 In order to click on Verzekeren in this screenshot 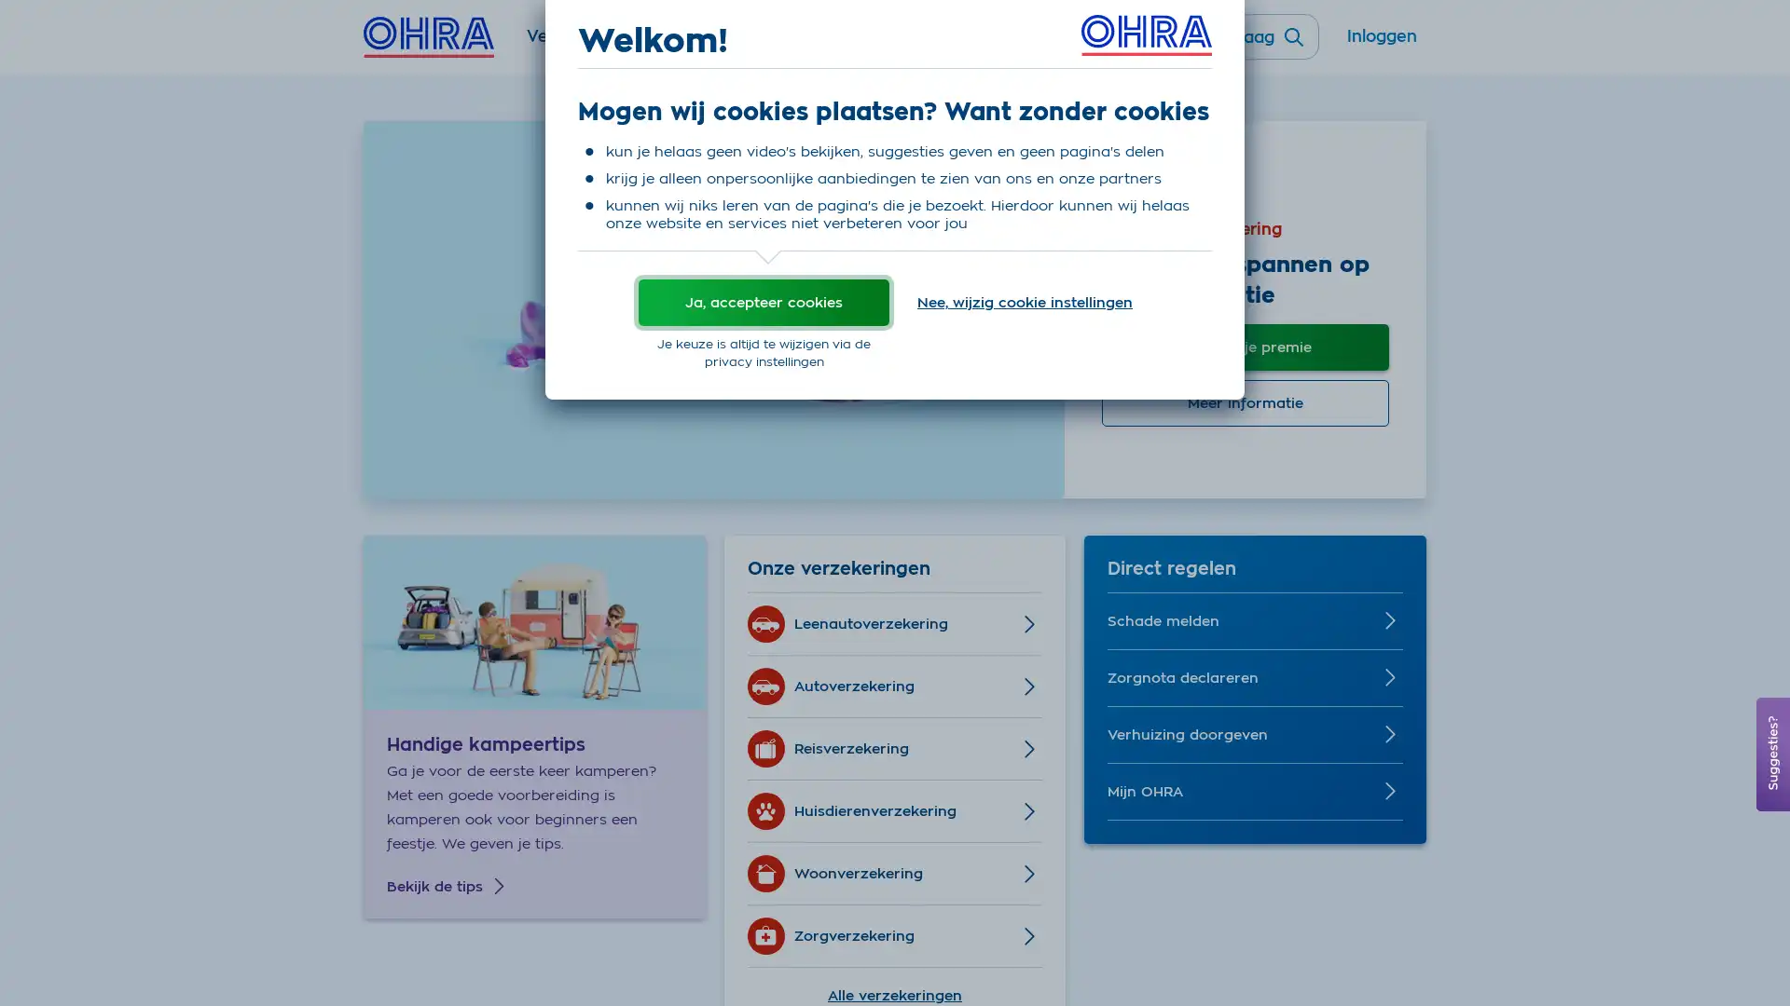, I will do `click(571, 45)`.